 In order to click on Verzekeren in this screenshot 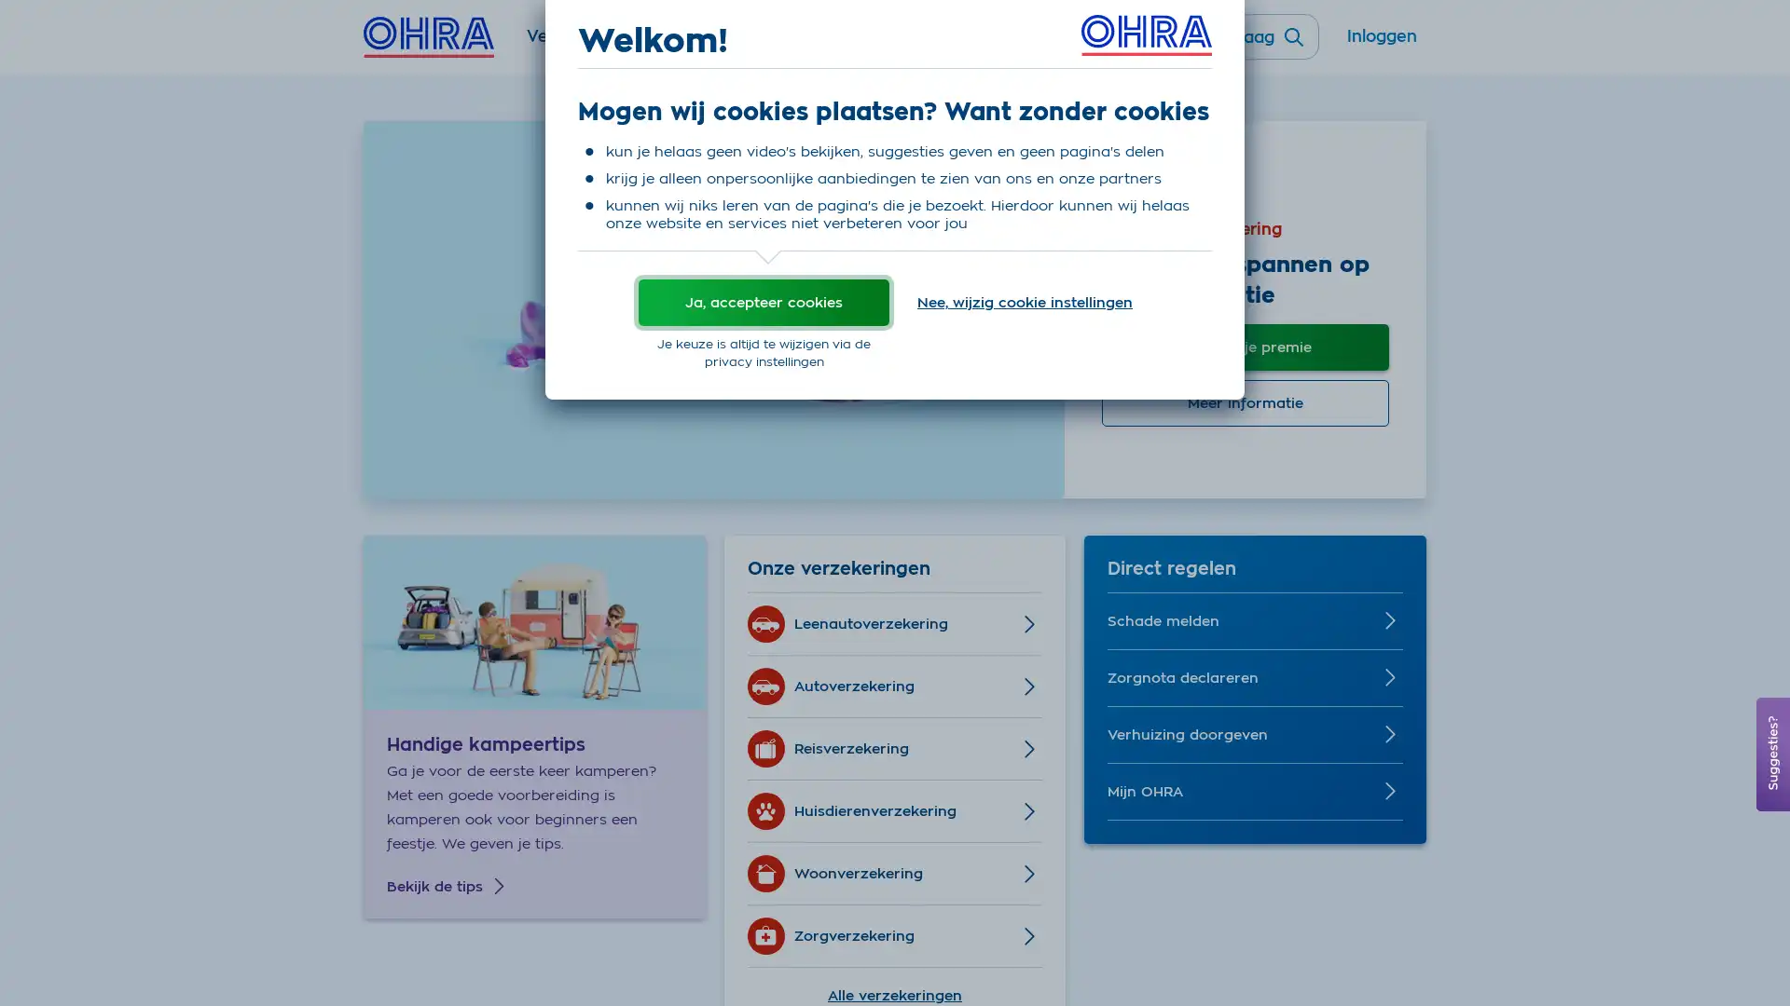, I will do `click(571, 45)`.